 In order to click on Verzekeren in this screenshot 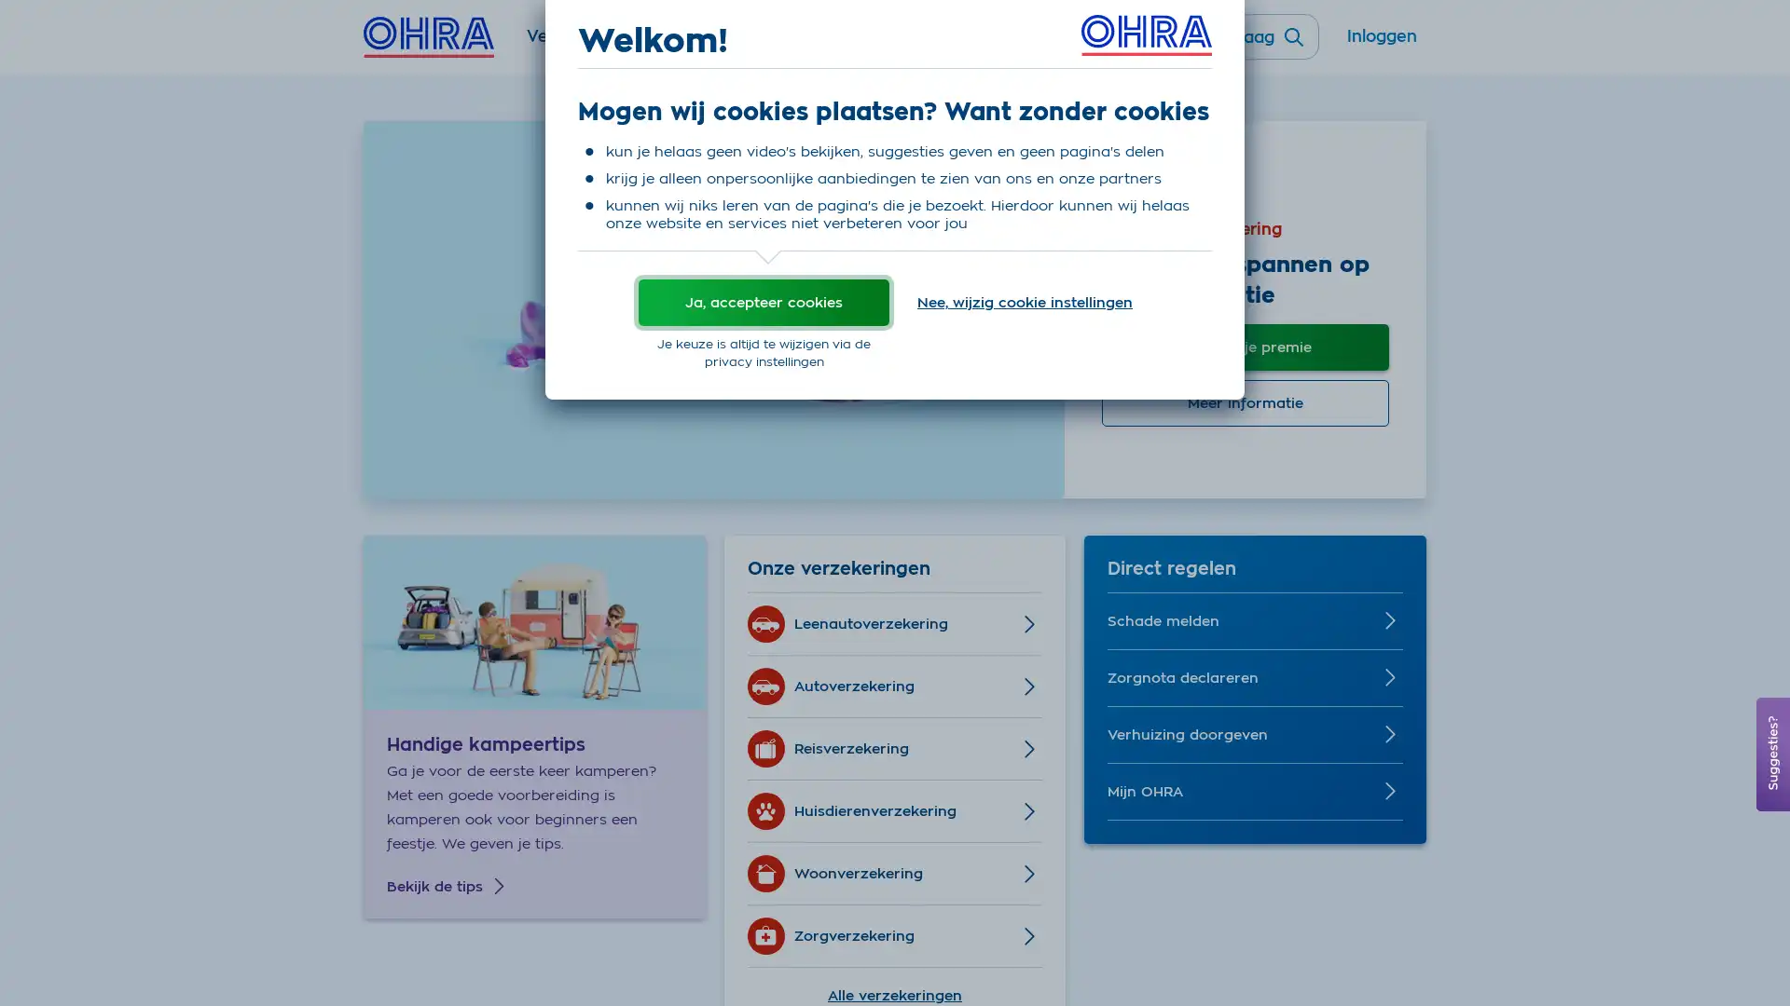, I will do `click(571, 45)`.